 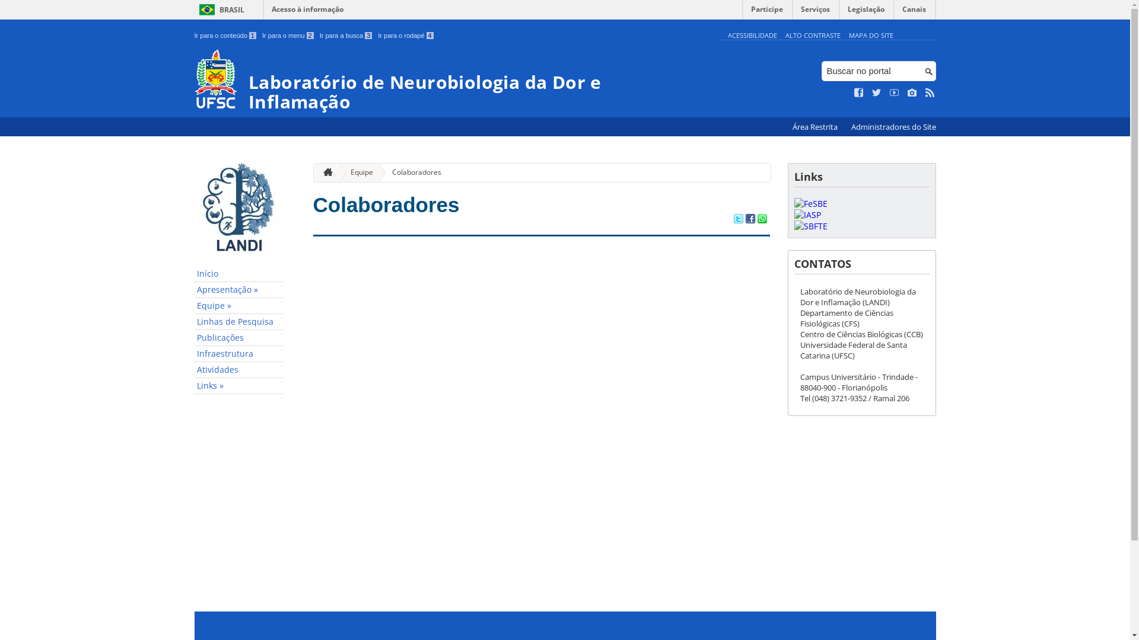 What do you see at coordinates (288, 35) in the screenshot?
I see `'Ir para o menu 2'` at bounding box center [288, 35].